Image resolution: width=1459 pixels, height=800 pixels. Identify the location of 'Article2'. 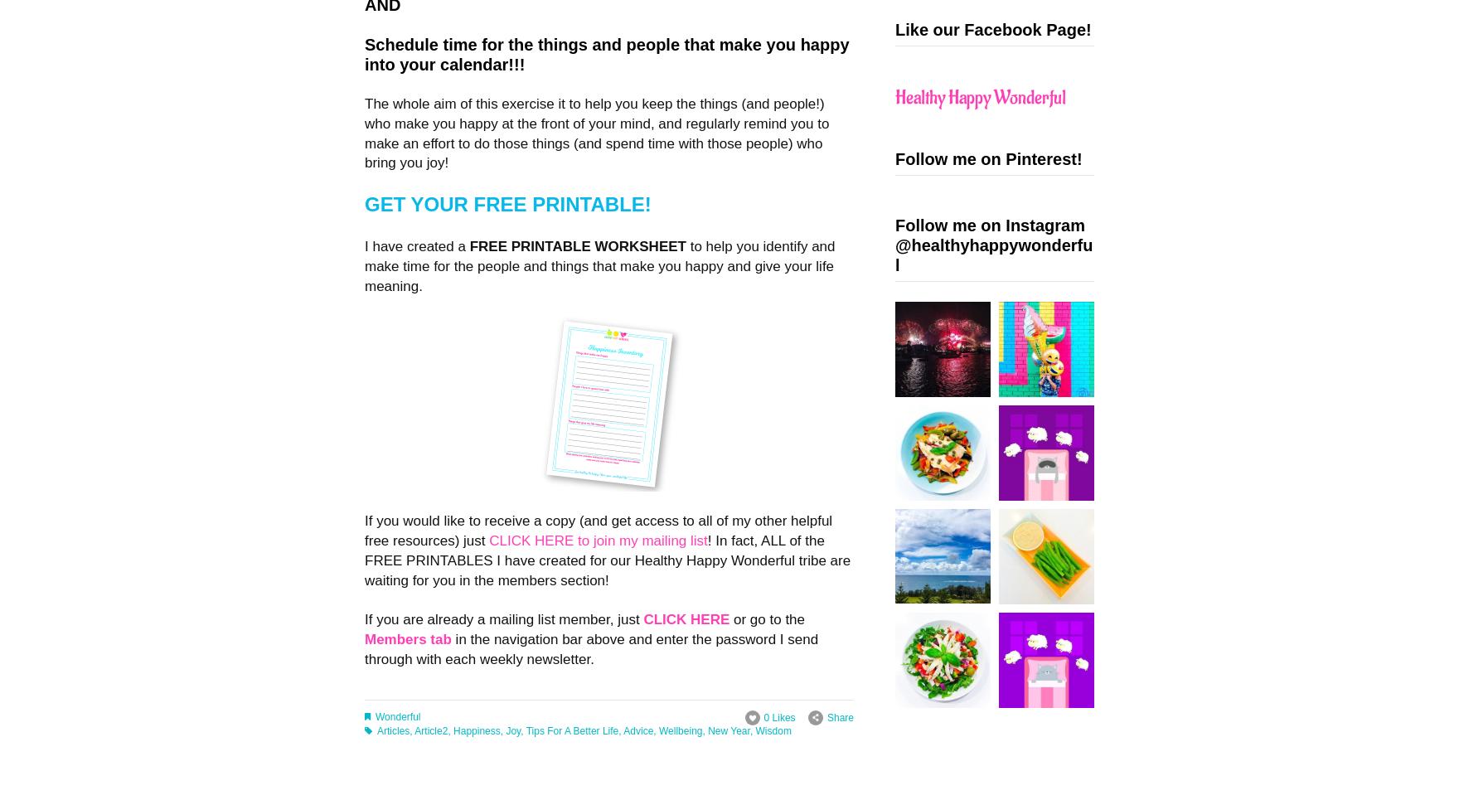
(431, 730).